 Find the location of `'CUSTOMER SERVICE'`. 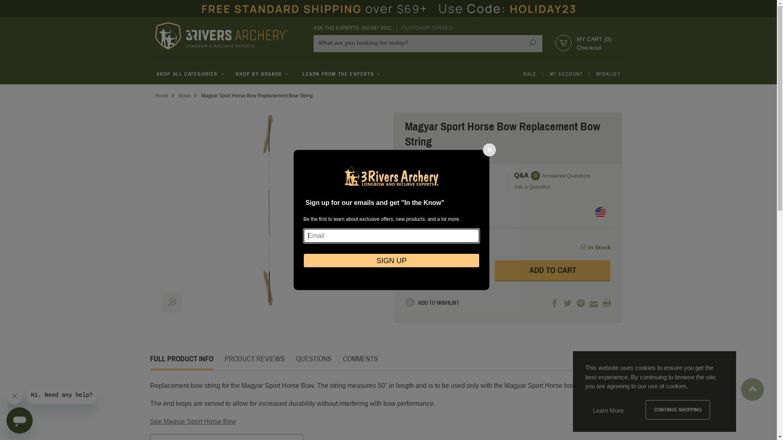

'CUSTOMER SERVICE' is located at coordinates (427, 28).